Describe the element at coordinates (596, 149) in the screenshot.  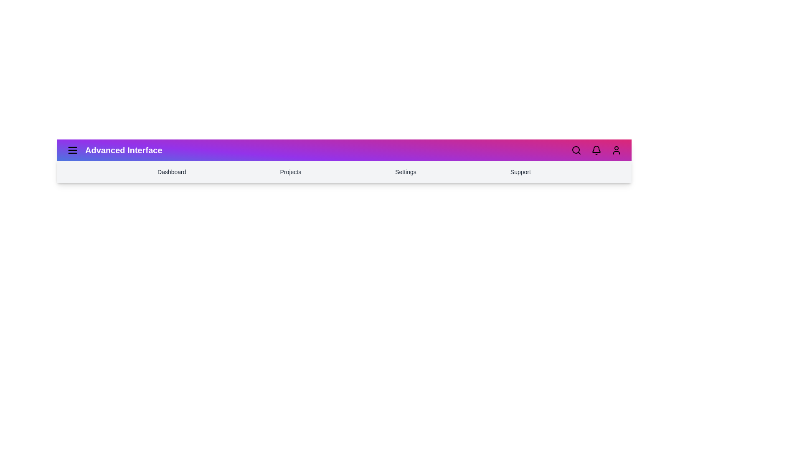
I see `the 'Bell' icon to view notifications` at that location.